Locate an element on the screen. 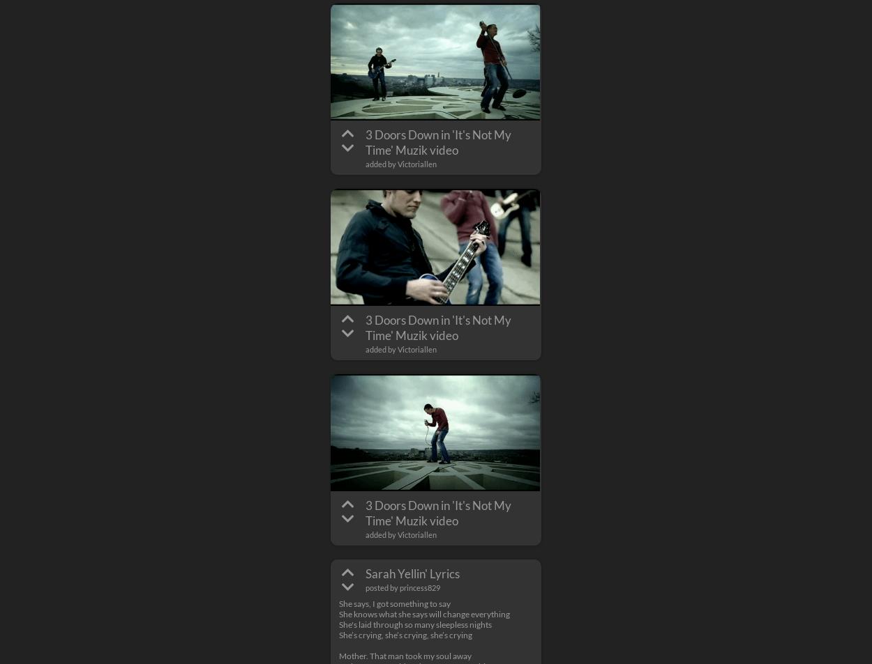 The width and height of the screenshot is (872, 664). 'Mother. That man took my soul away' is located at coordinates (338, 656).